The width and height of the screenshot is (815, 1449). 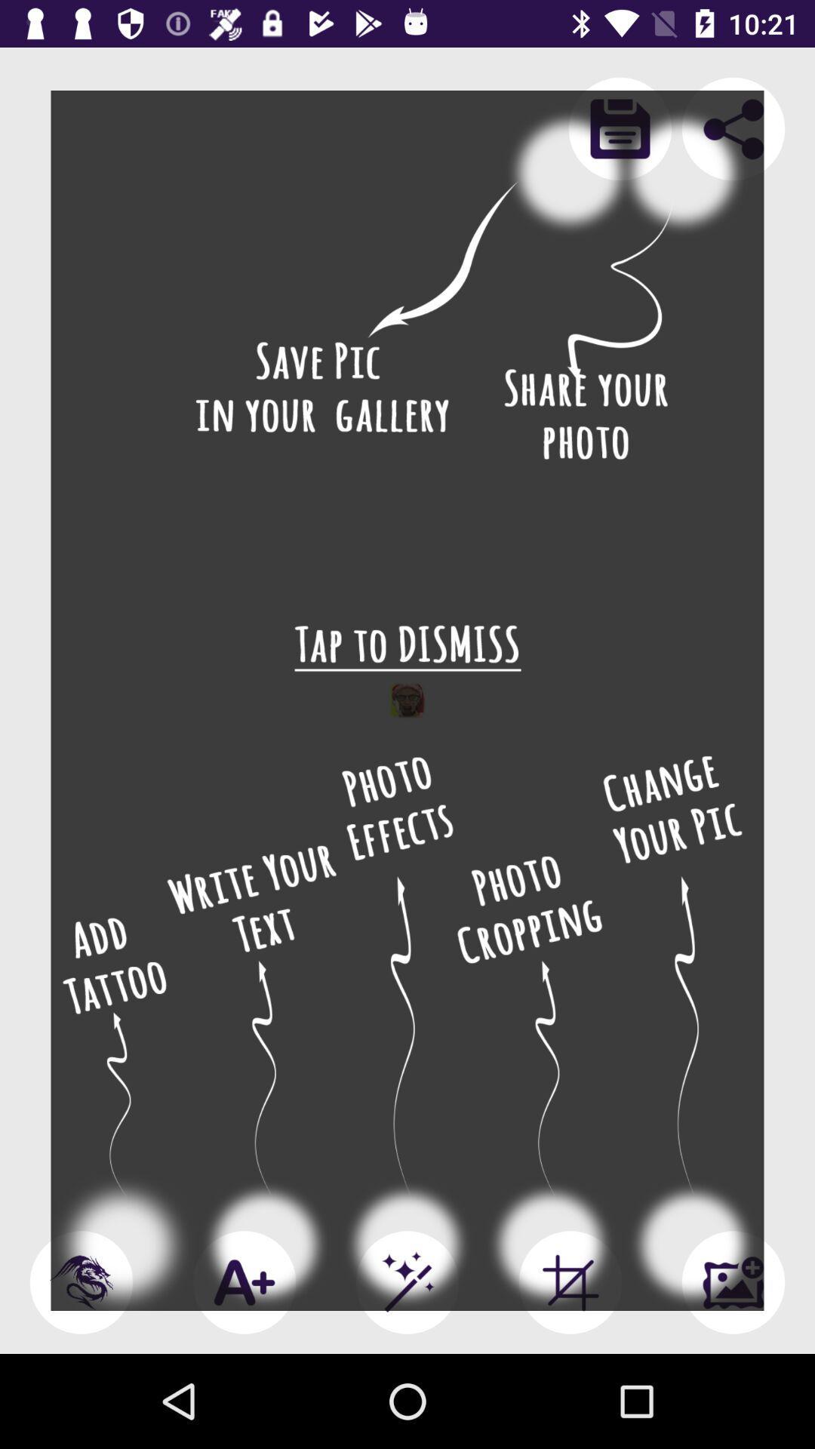 What do you see at coordinates (244, 1281) in the screenshot?
I see `the font icon` at bounding box center [244, 1281].